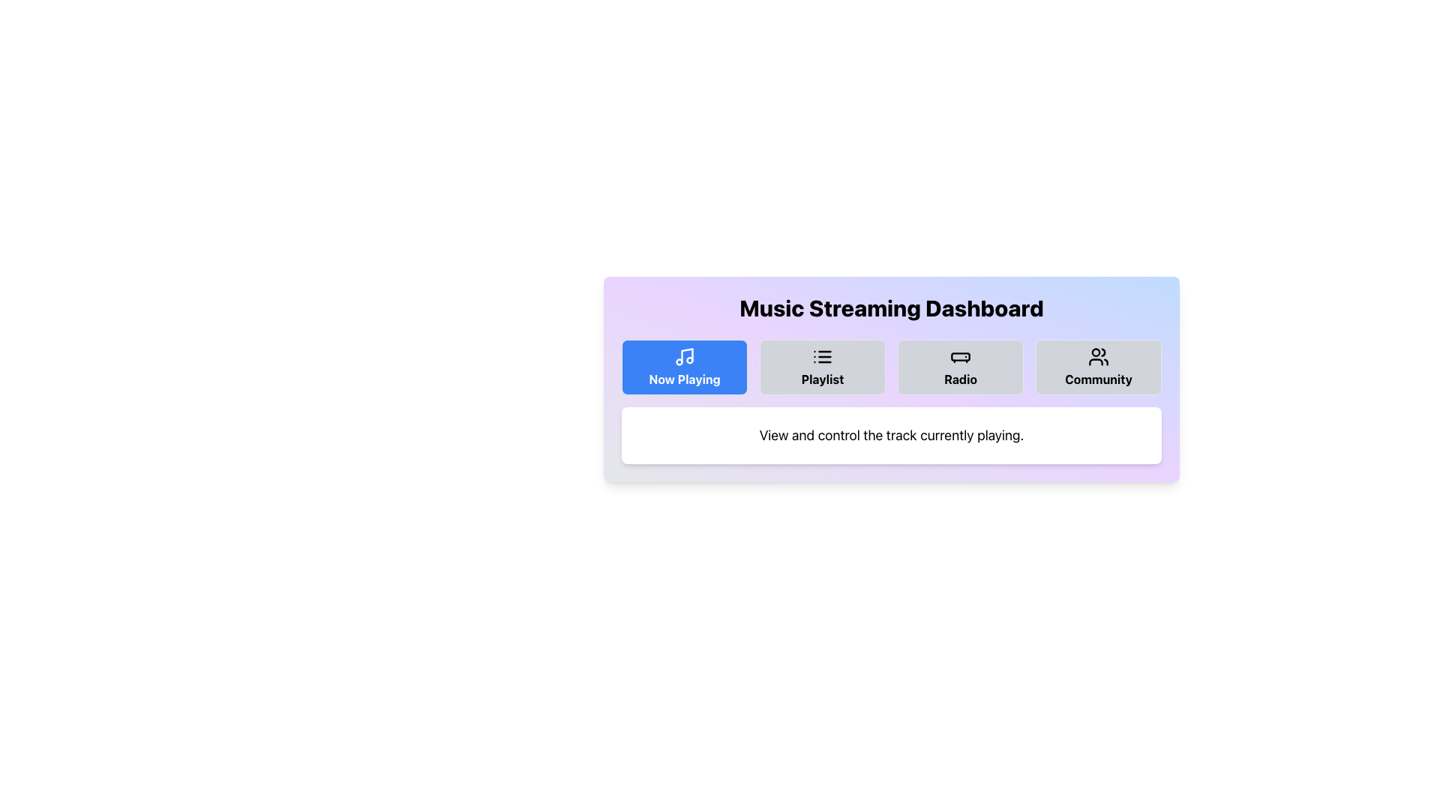 This screenshot has height=810, width=1440. I want to click on the informational text box that contains the message 'View and control the track currently playing.' with a white background and rounded corners, so click(892, 436).